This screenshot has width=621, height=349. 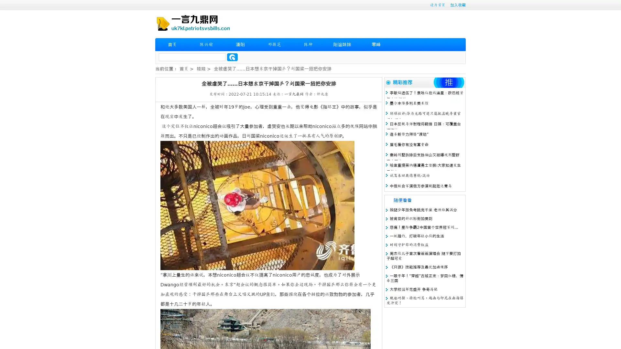 I want to click on Search, so click(x=232, y=57).